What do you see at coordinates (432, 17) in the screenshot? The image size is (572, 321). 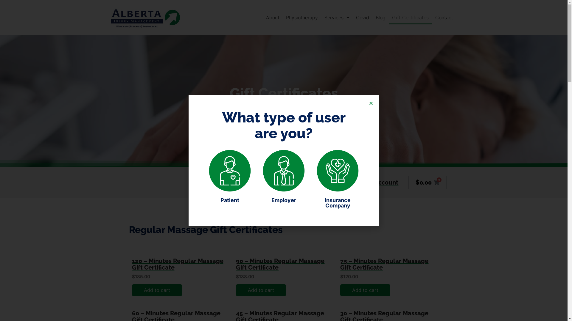 I see `'Contact'` at bounding box center [432, 17].